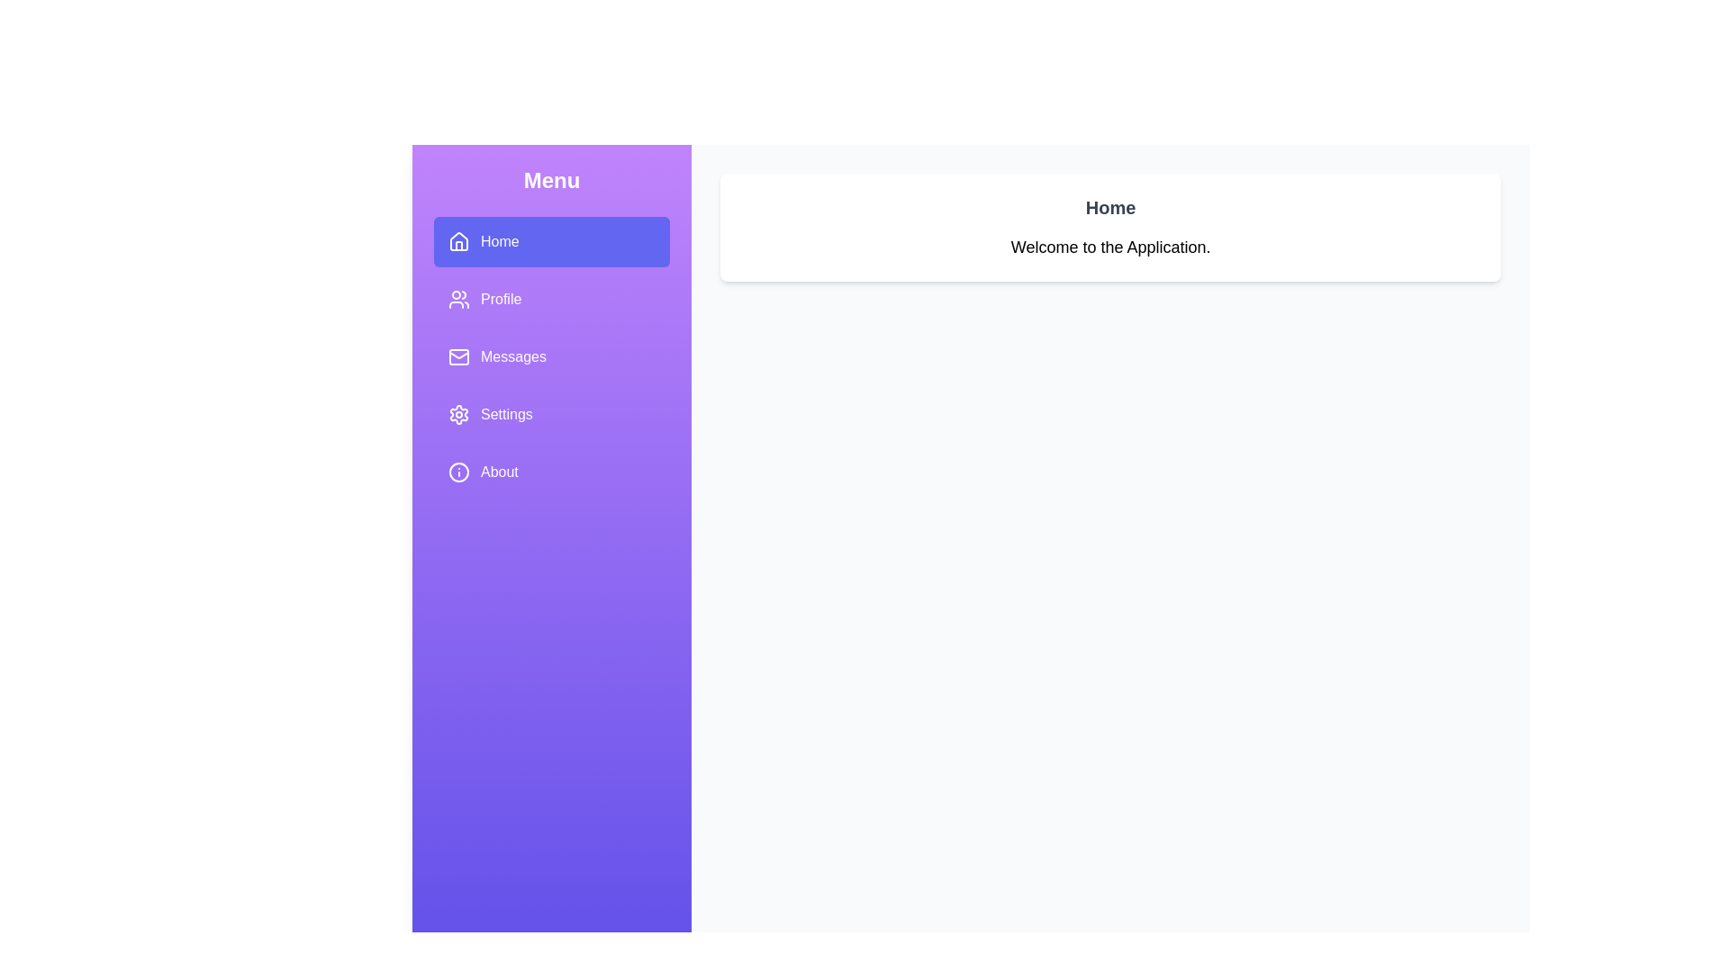 The width and height of the screenshot is (1729, 972). What do you see at coordinates (551, 180) in the screenshot?
I see `text content of the 'Menu' header label, which is displayed in bold, large font with a light purple background and white text, located at the top of the vertical menu on the left side of the interface` at bounding box center [551, 180].